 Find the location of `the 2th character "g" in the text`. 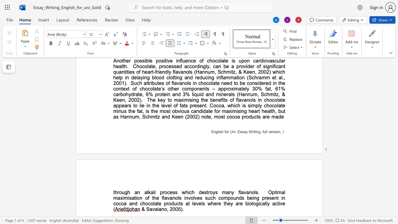

the 2th character "g" in the text is located at coordinates (257, 203).